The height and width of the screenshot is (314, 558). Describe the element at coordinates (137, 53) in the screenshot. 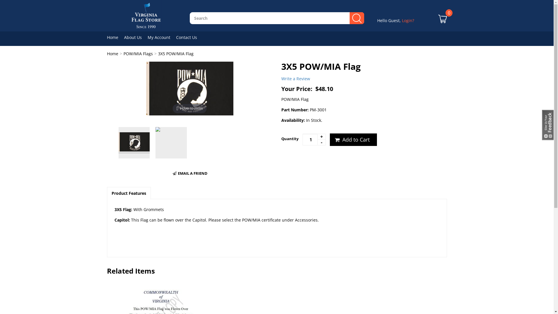

I see `'POW/MIA Flags'` at that location.